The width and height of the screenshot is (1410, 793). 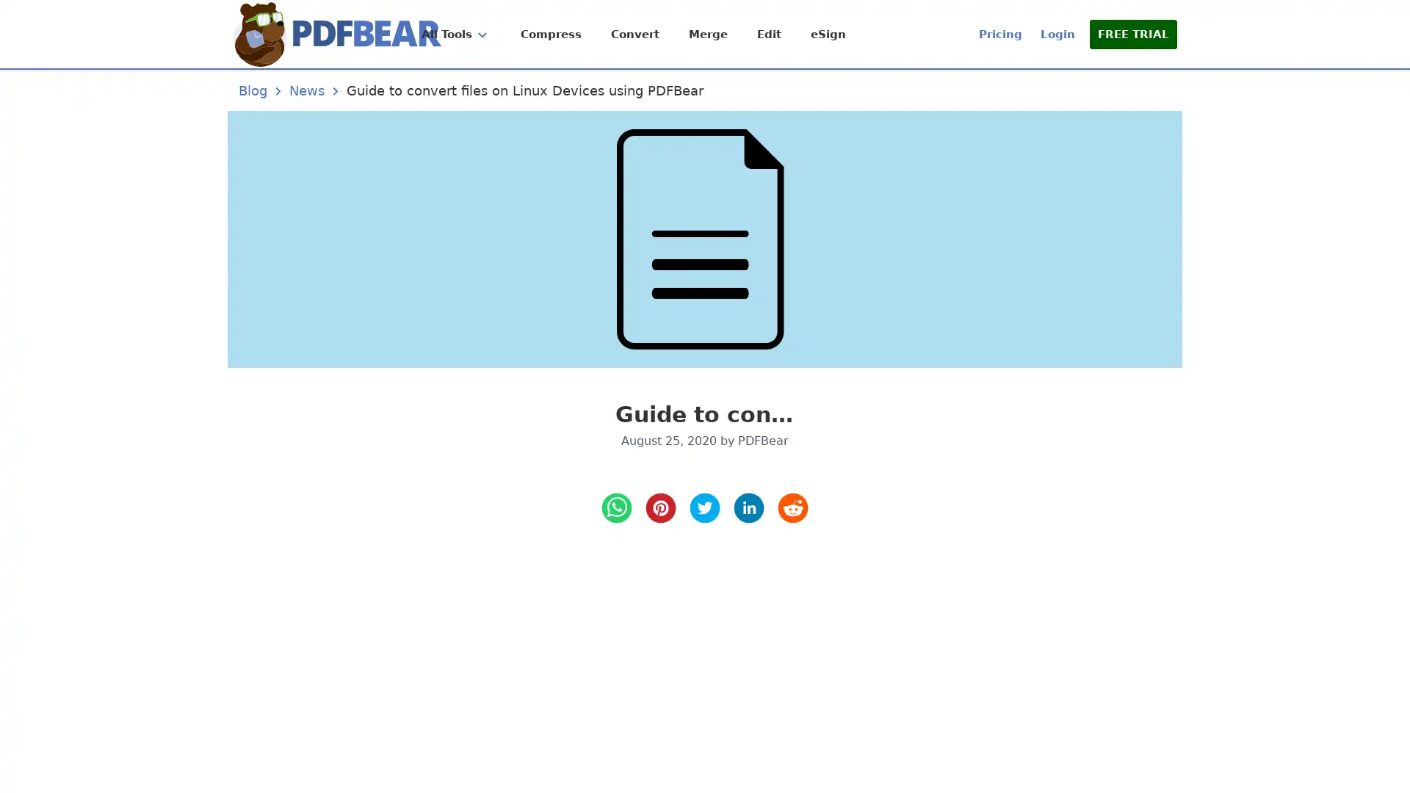 What do you see at coordinates (634, 33) in the screenshot?
I see `Convert` at bounding box center [634, 33].